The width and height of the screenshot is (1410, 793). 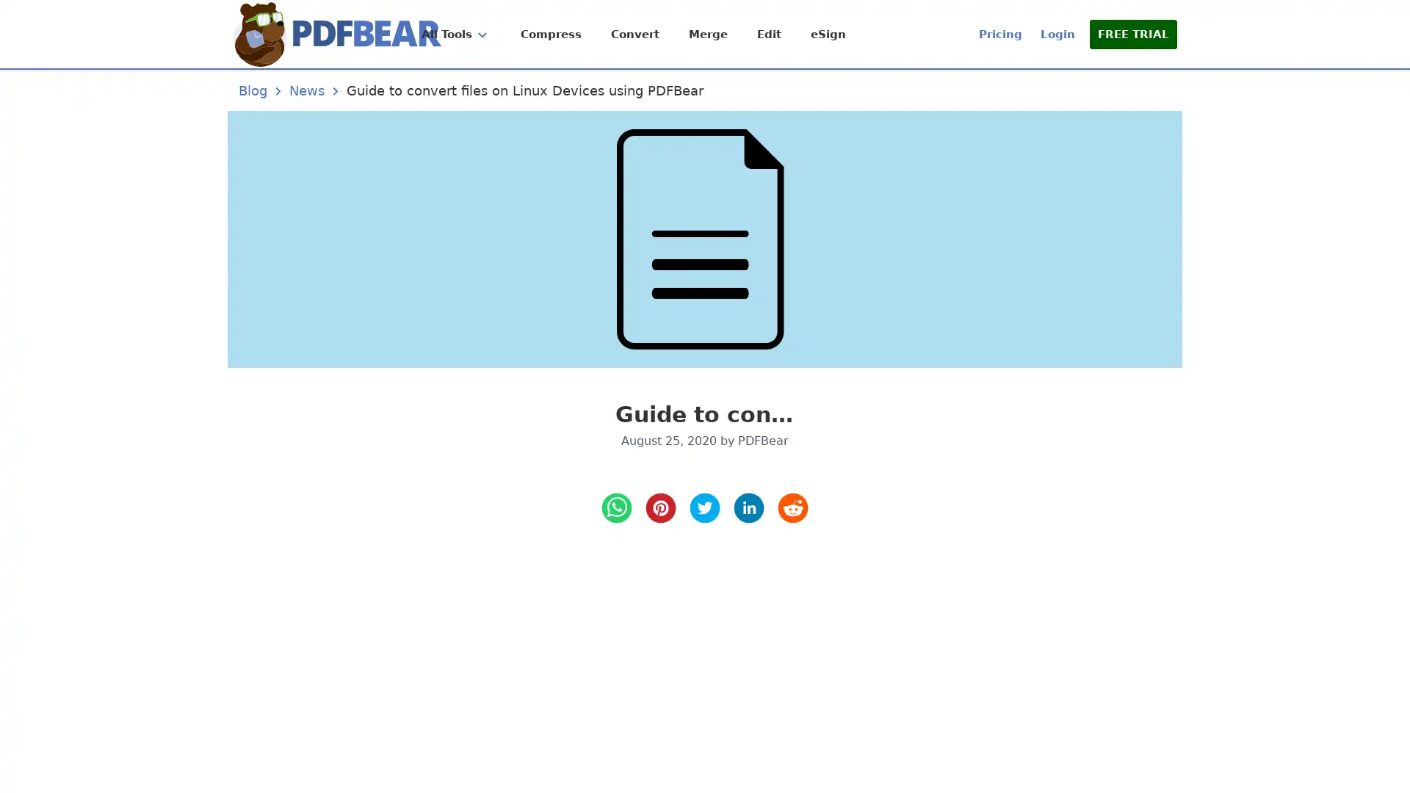 What do you see at coordinates (634, 33) in the screenshot?
I see `Convert` at bounding box center [634, 33].